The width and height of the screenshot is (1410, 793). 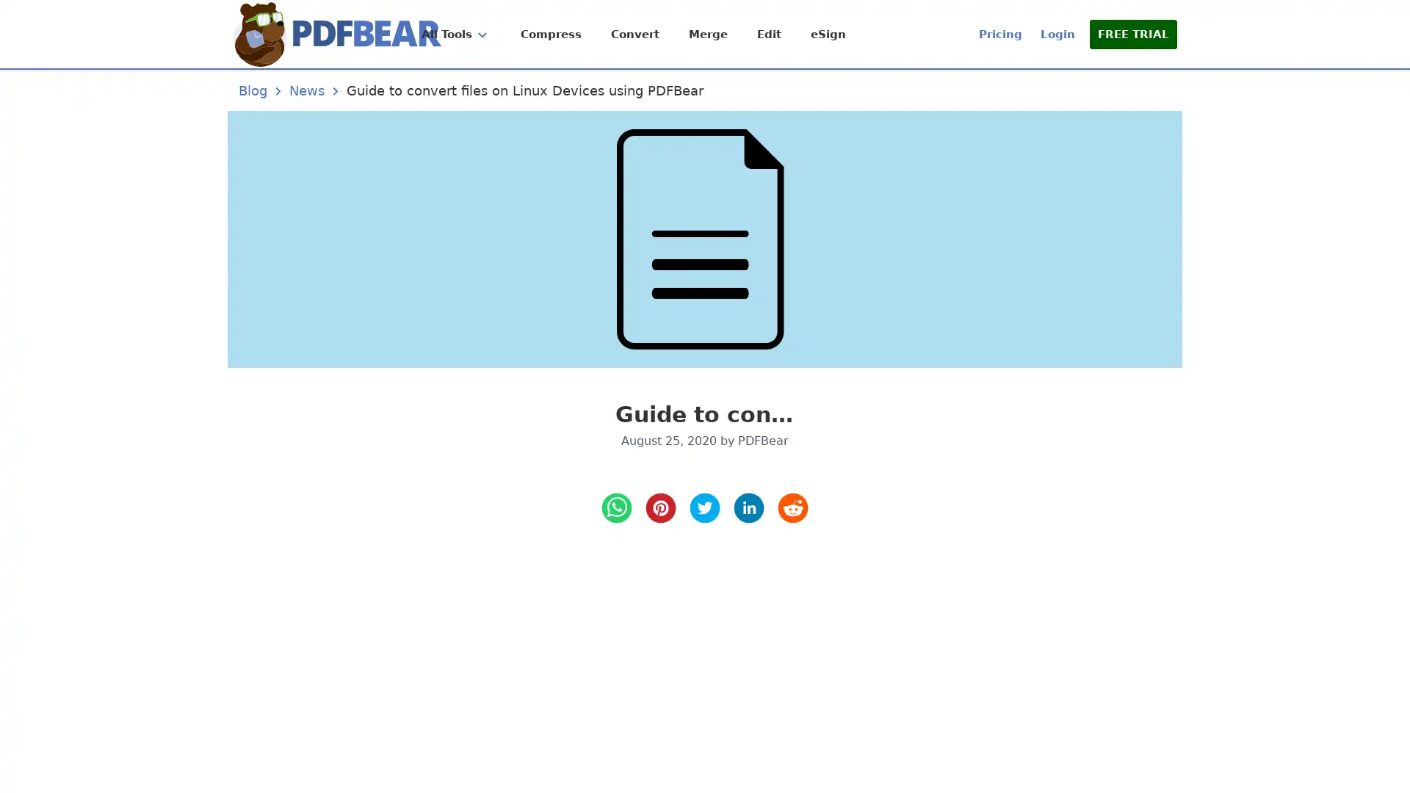 What do you see at coordinates (634, 33) in the screenshot?
I see `Convert` at bounding box center [634, 33].